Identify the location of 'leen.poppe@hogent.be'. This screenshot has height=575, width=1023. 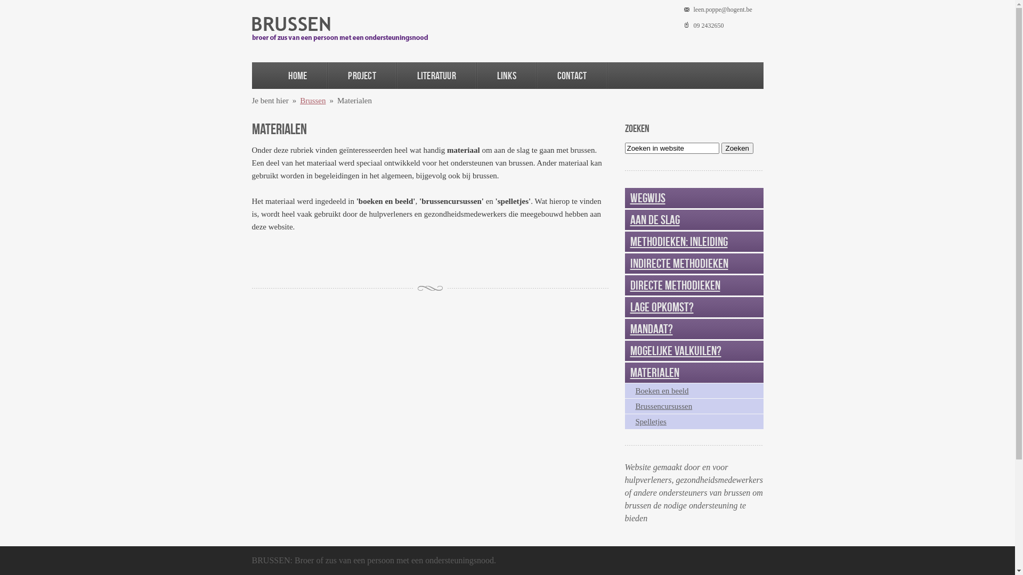
(693, 10).